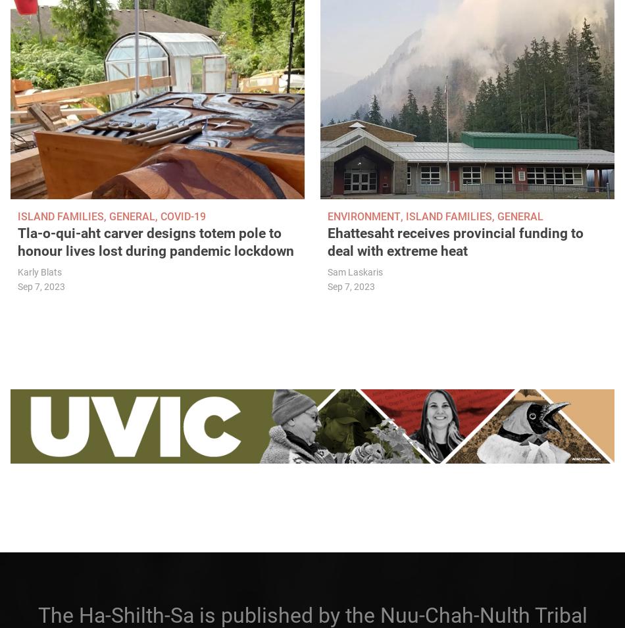 This screenshot has height=628, width=625. I want to click on 'Ehattesaht receives provincial funding to deal with extreme heat', so click(455, 241).